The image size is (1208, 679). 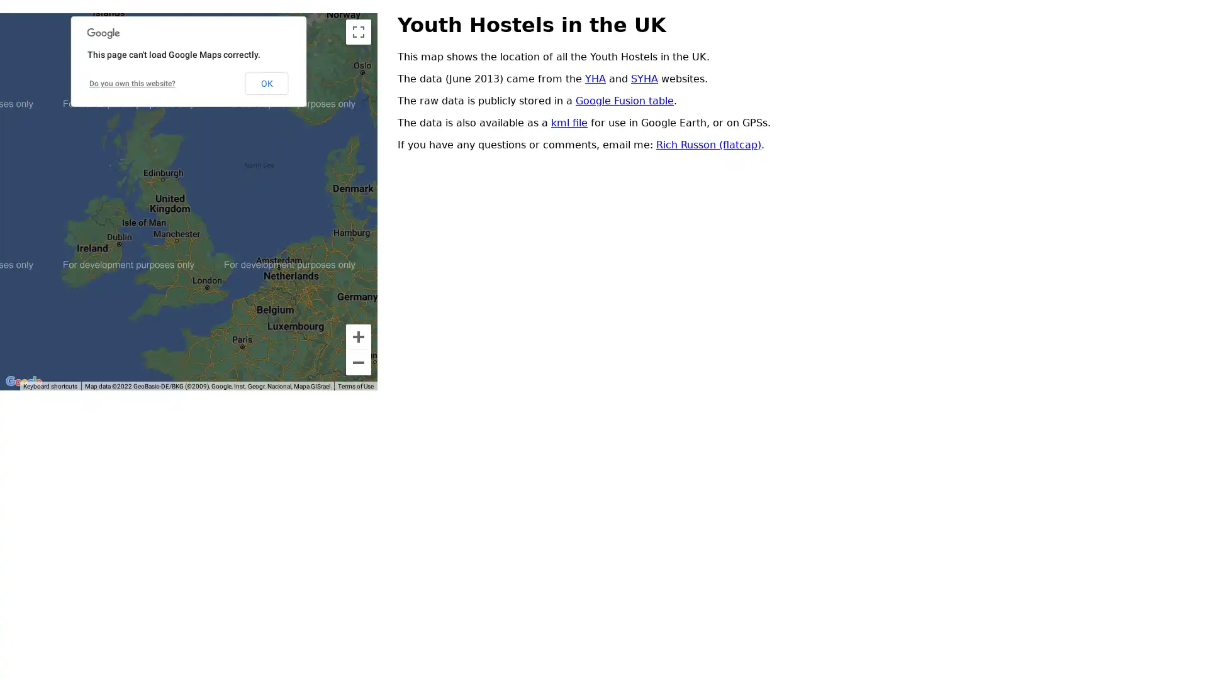 What do you see at coordinates (266, 82) in the screenshot?
I see `OK` at bounding box center [266, 82].